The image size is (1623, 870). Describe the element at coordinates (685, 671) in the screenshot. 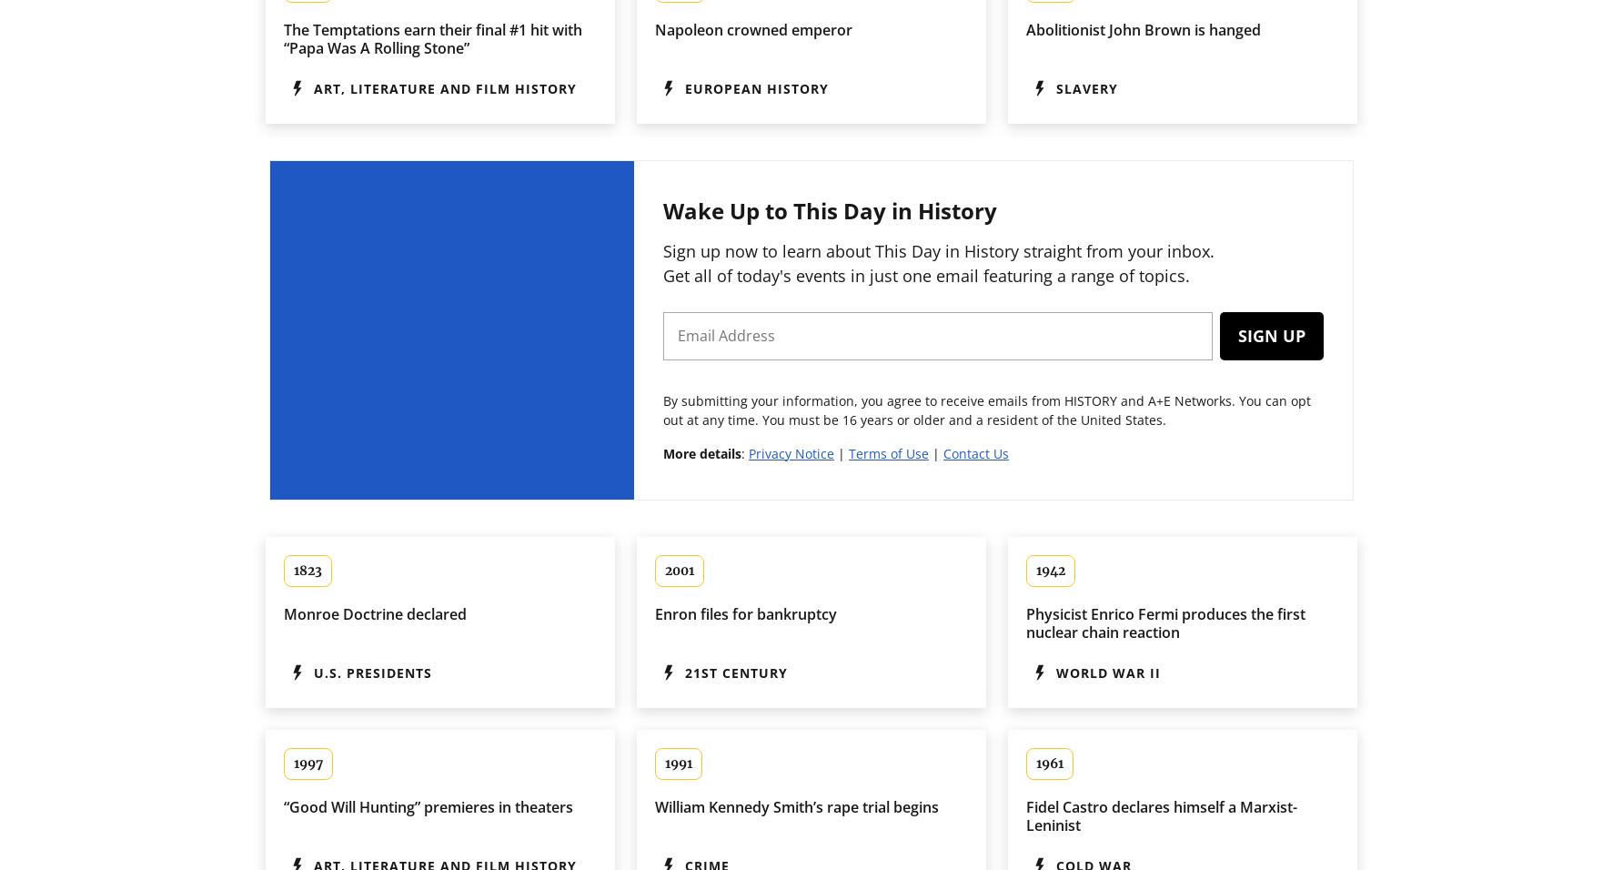

I see `'21st Century'` at that location.